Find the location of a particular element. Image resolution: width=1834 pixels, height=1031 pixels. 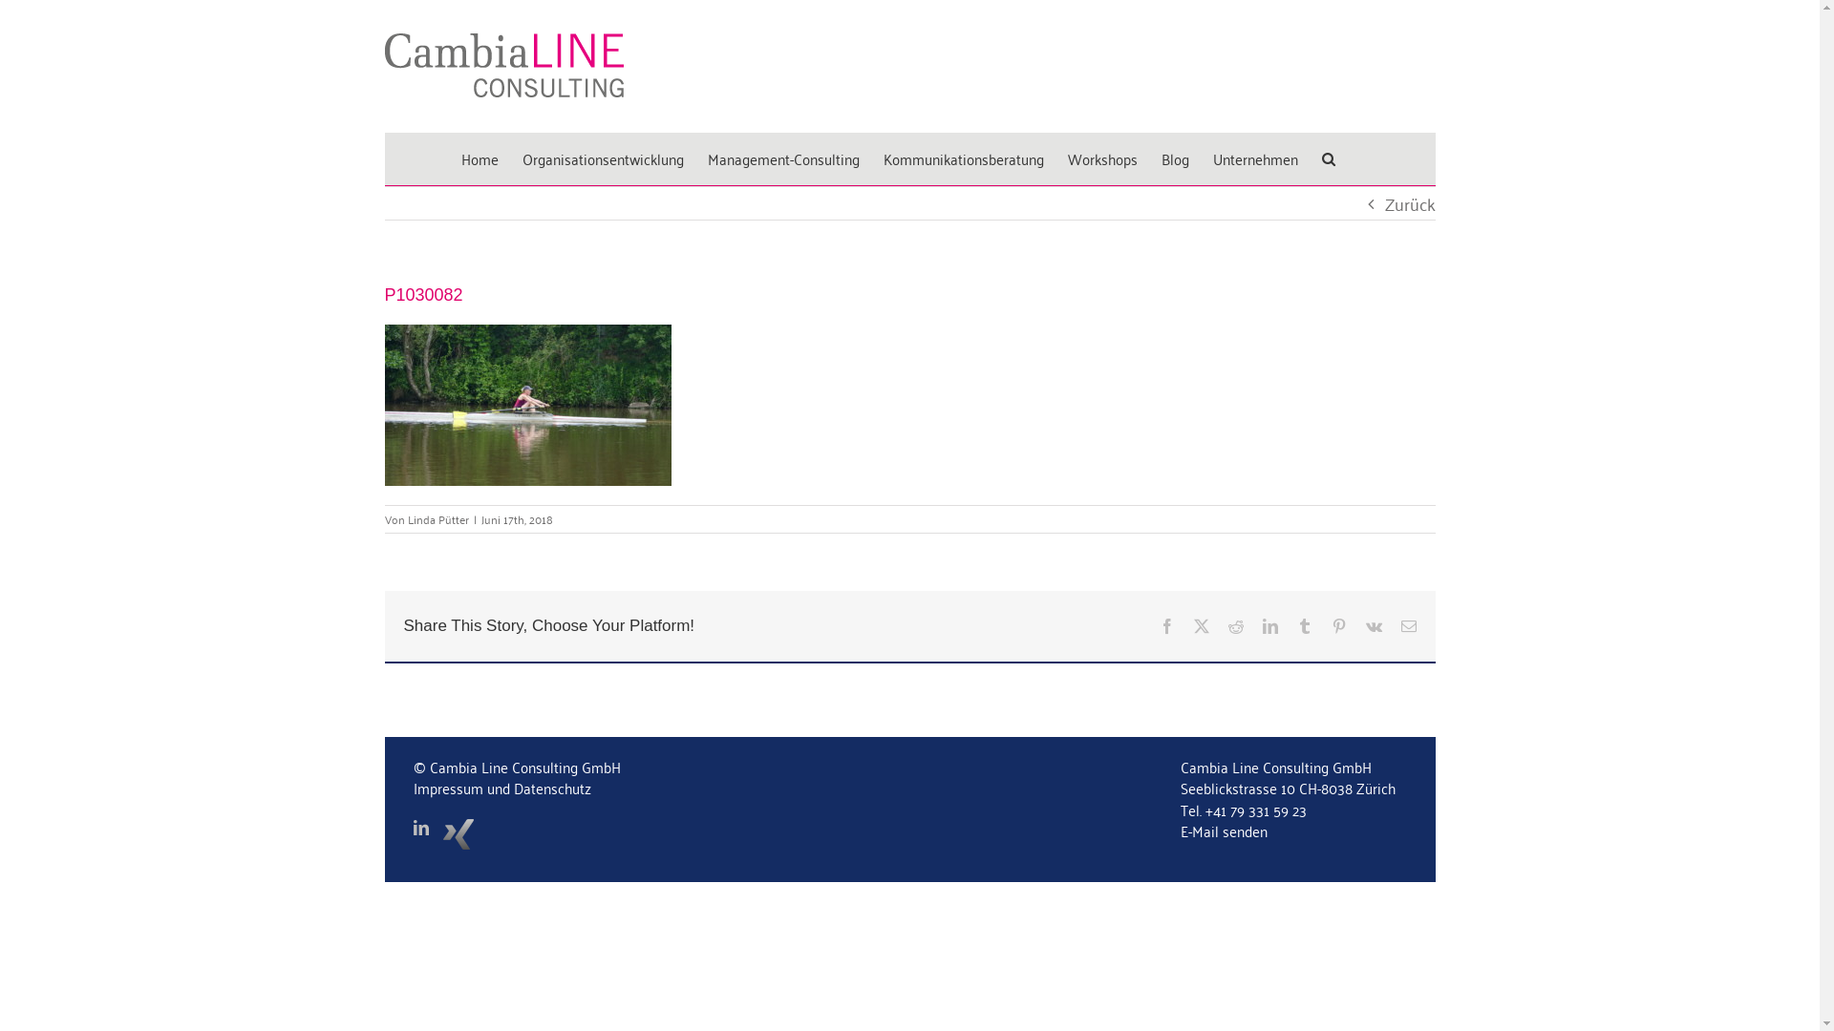

'E-Mail senden' is located at coordinates (1224, 830).